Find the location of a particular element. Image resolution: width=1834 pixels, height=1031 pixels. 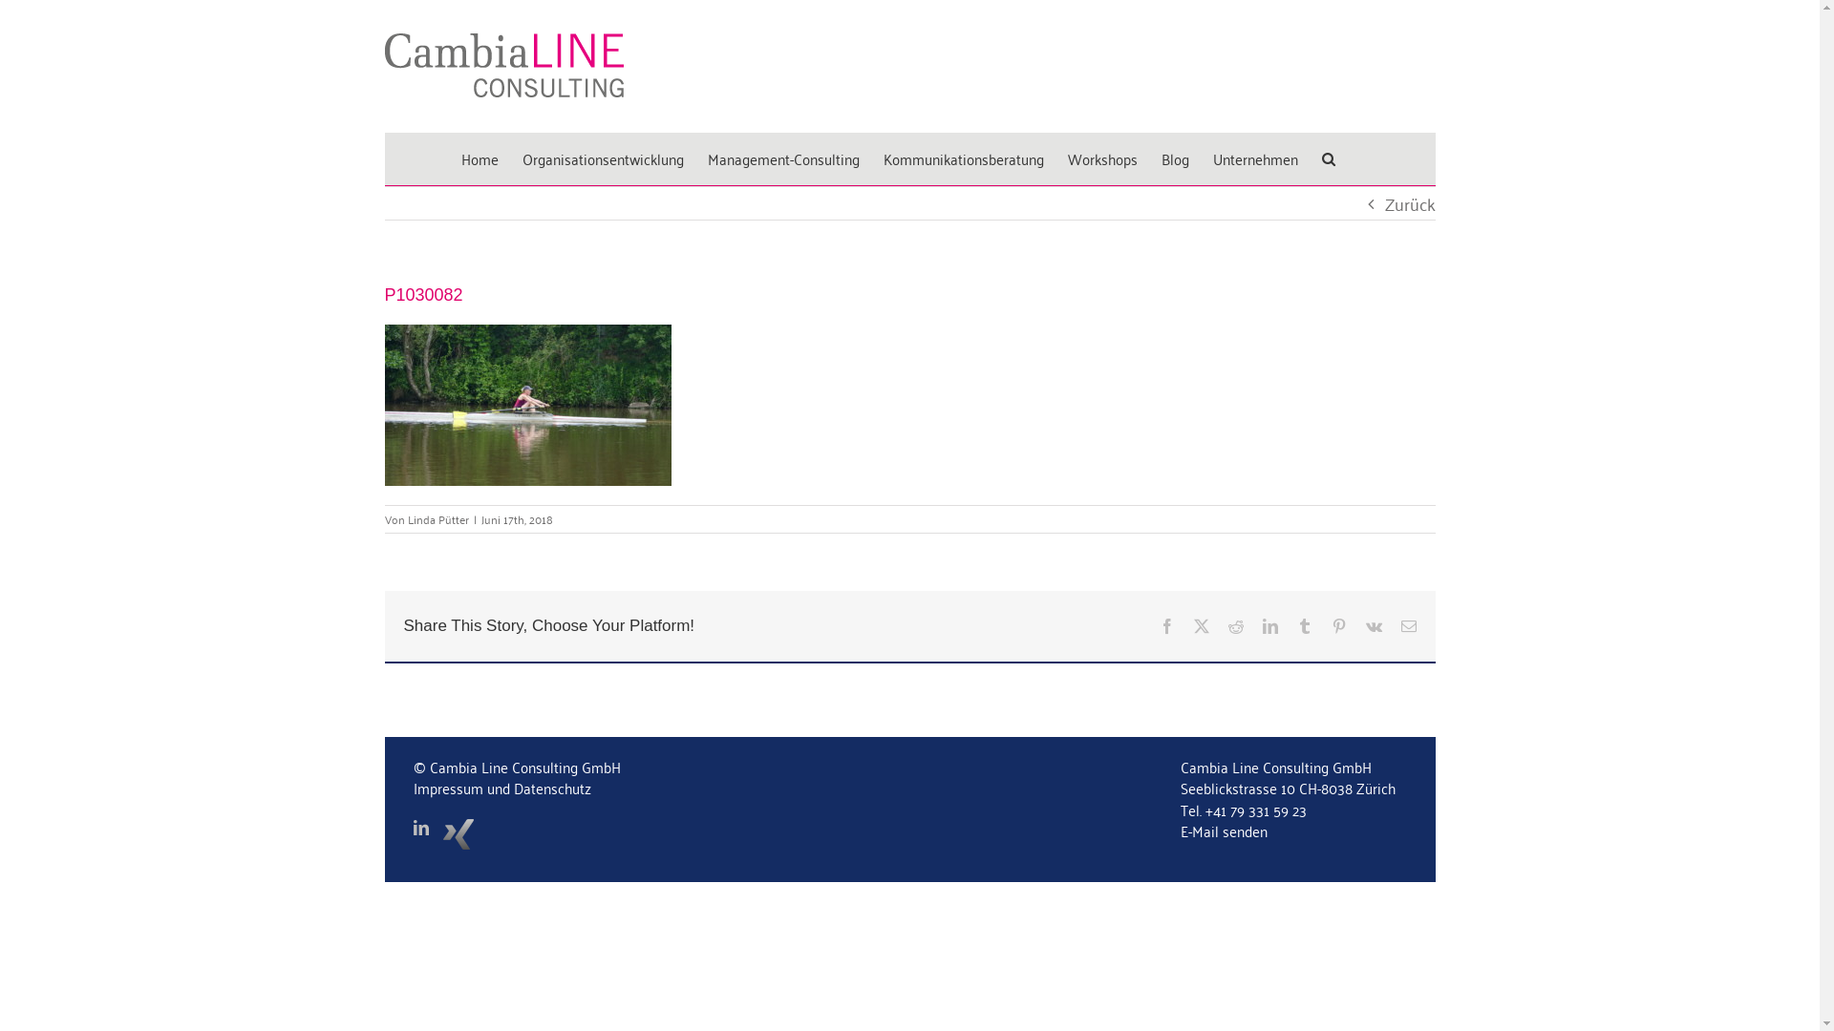

'E-Mail senden' is located at coordinates (1224, 830).